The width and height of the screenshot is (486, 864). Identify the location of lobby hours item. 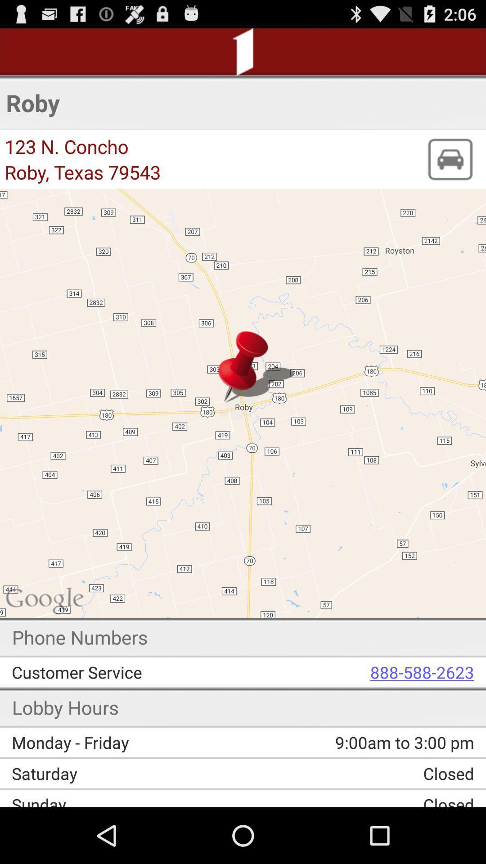
(65, 706).